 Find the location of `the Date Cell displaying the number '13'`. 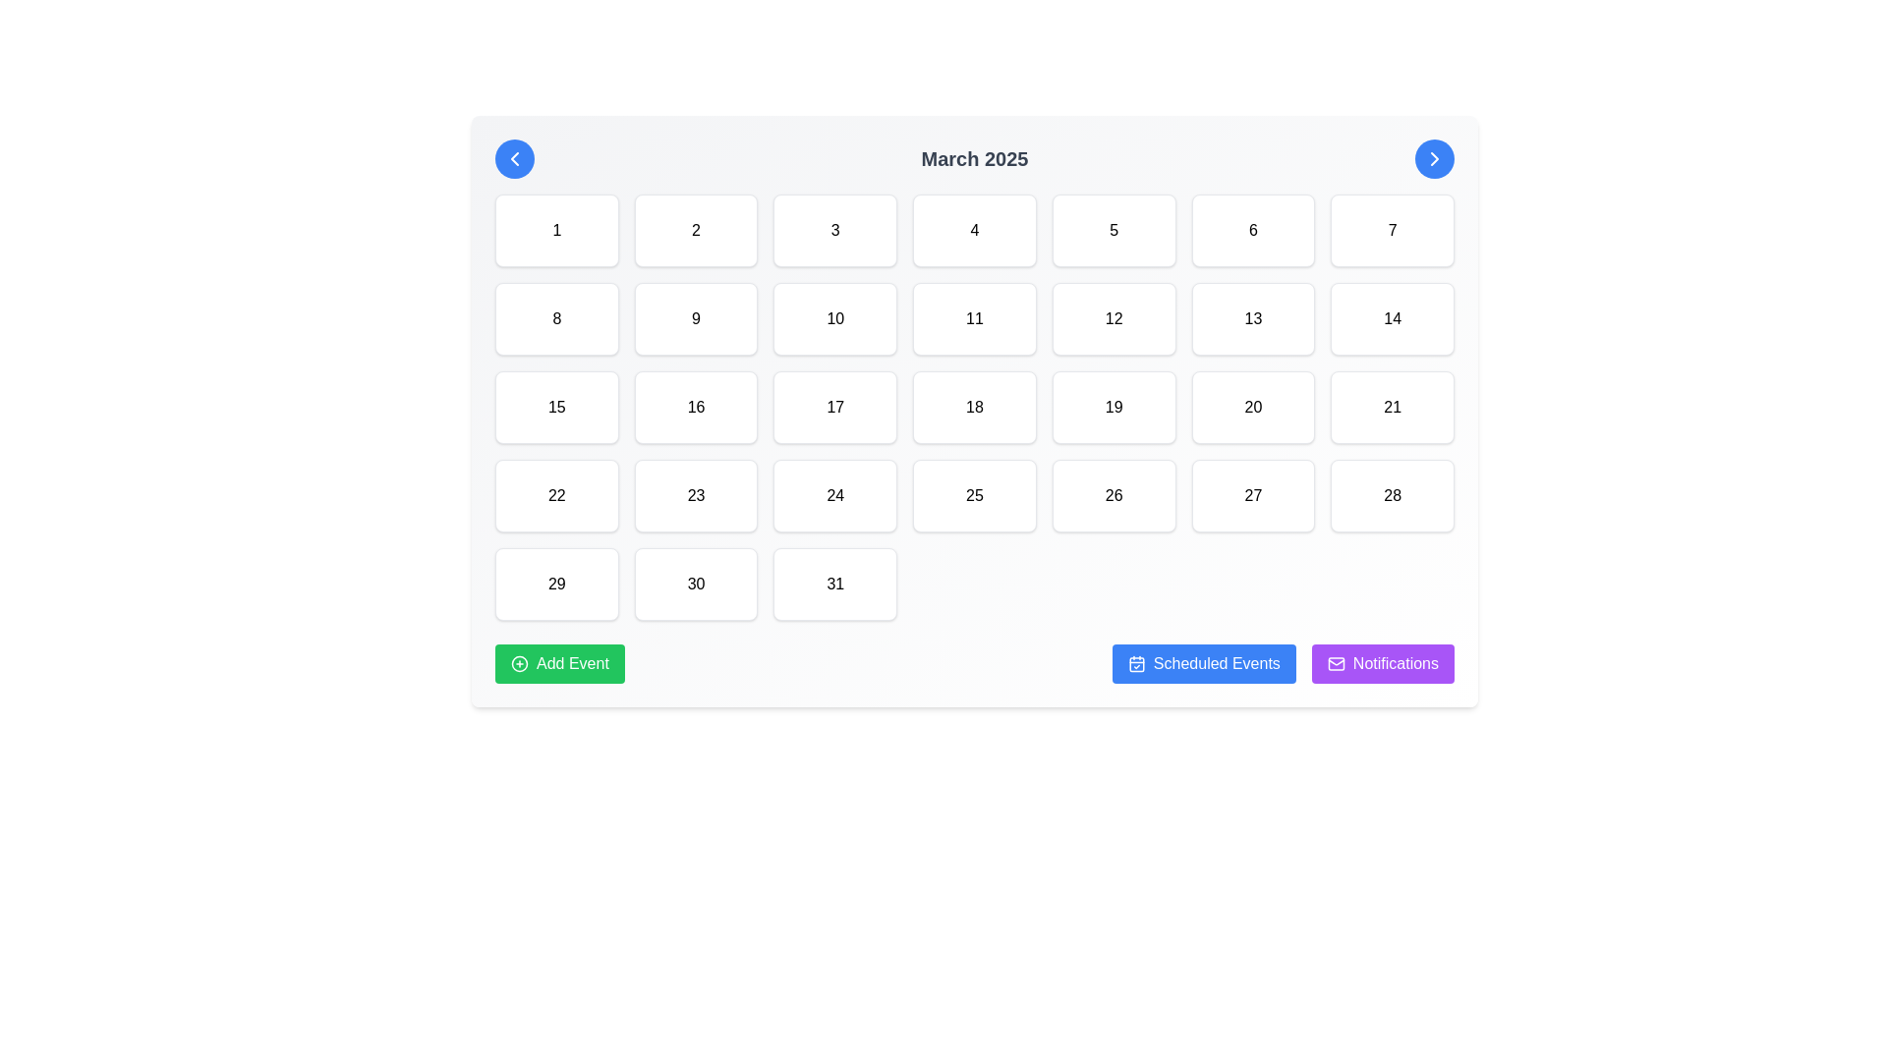

the Date Cell displaying the number '13' is located at coordinates (1252, 317).